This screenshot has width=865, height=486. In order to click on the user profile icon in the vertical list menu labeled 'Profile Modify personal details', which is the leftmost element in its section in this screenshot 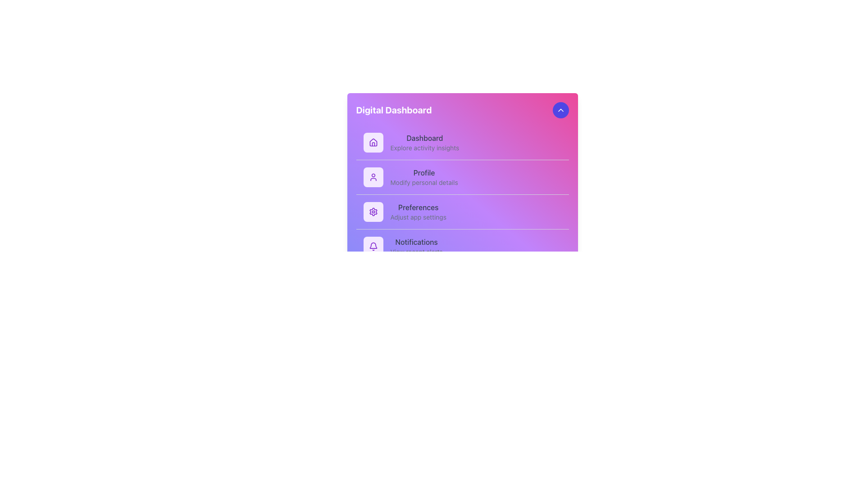, I will do `click(373, 177)`.